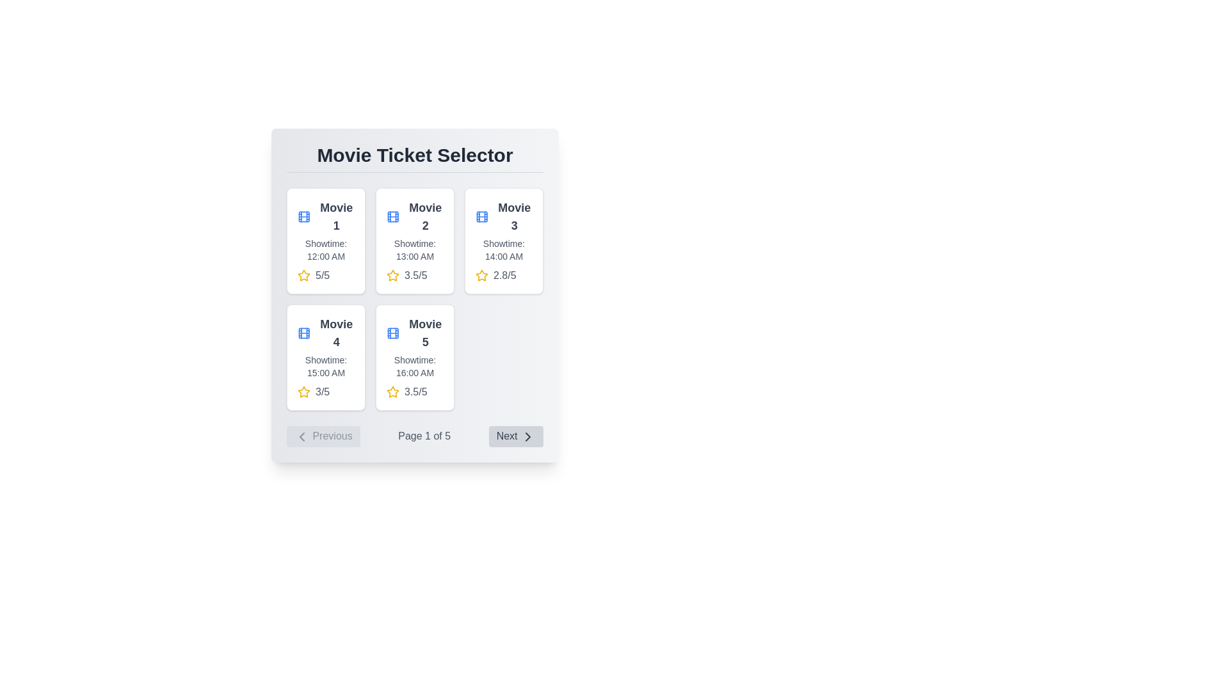  What do you see at coordinates (481, 274) in the screenshot?
I see `the third star icon with a yellow border and hollow center in the rating component for 'Movie 3'` at bounding box center [481, 274].